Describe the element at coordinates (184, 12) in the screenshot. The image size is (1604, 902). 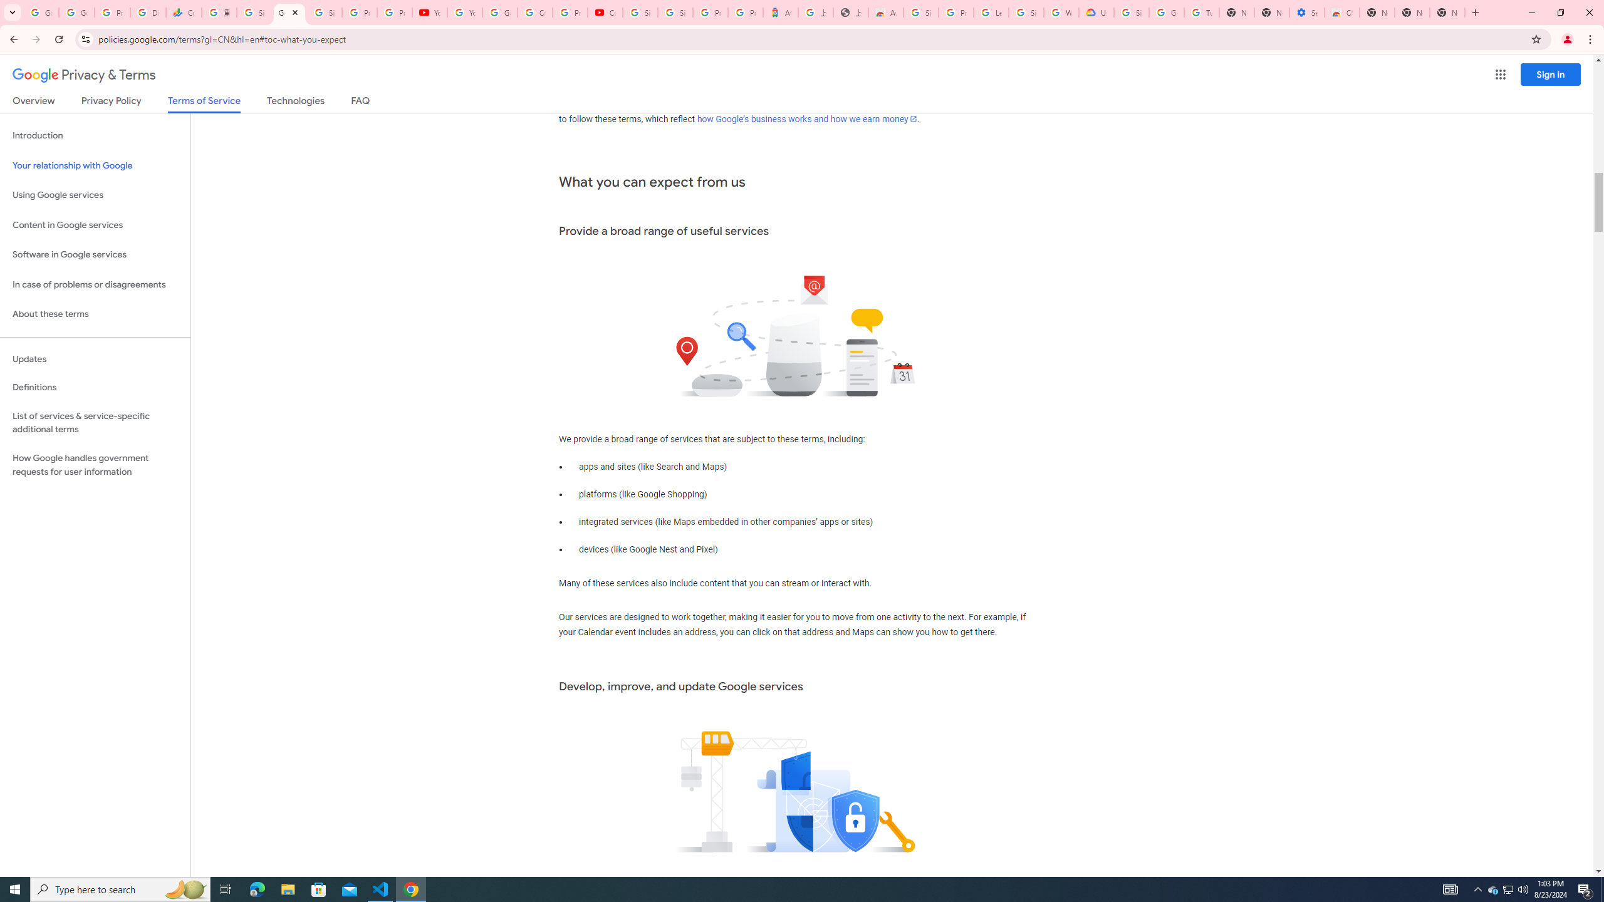
I see `'Currencies - Google Finance'` at that location.